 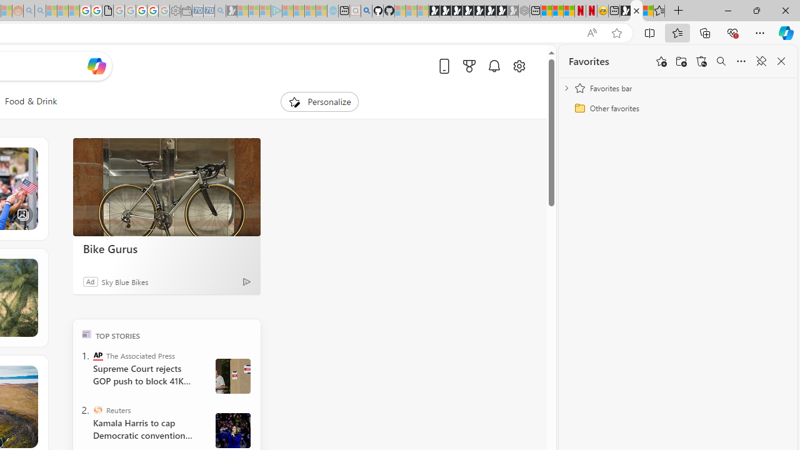 I want to click on 'Restore deleted favorites', so click(x=701, y=61).